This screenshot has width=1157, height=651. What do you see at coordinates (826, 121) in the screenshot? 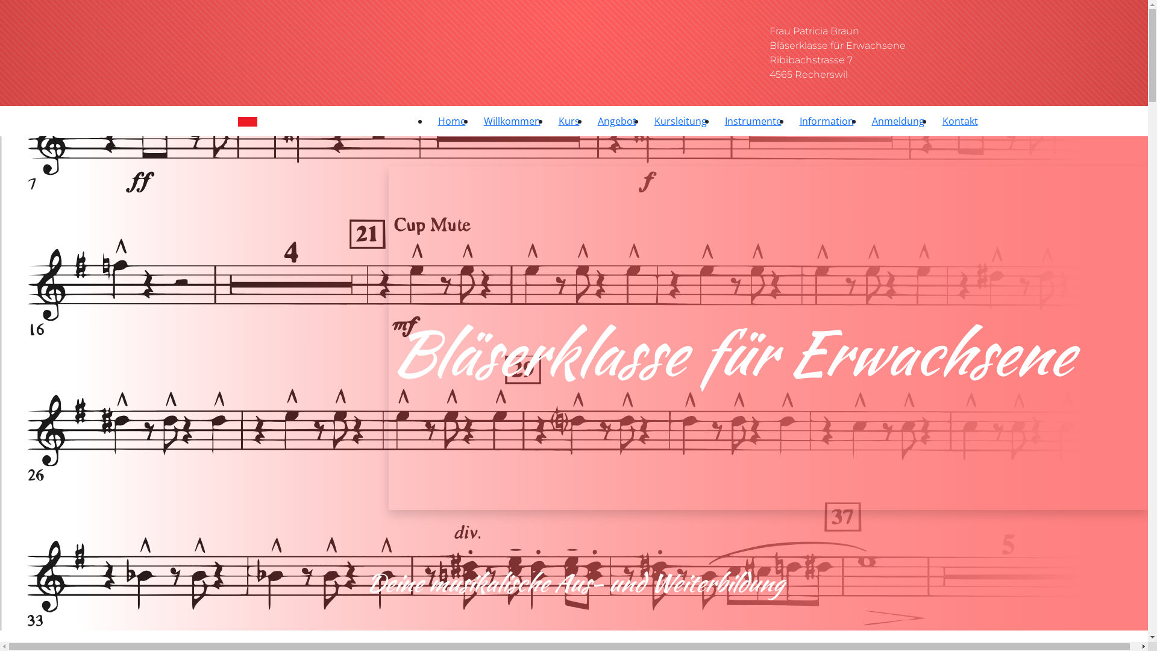
I see `'Information'` at bounding box center [826, 121].